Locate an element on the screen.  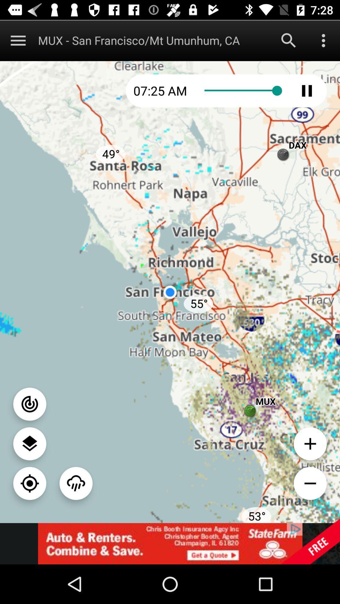
look at the menu is located at coordinates (18, 40).